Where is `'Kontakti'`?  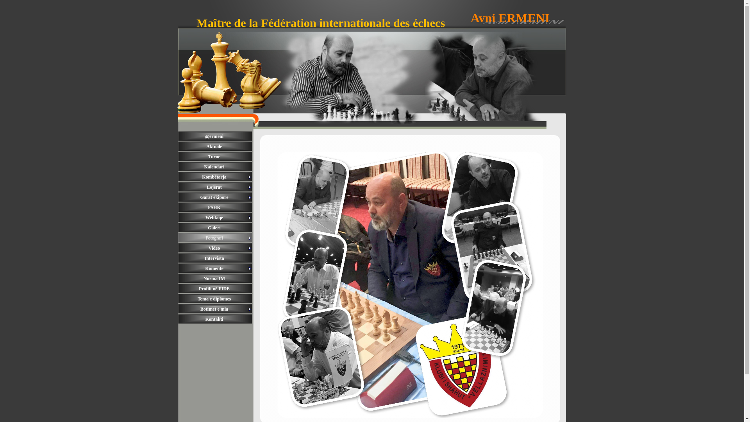 'Kontakti' is located at coordinates (215, 319).